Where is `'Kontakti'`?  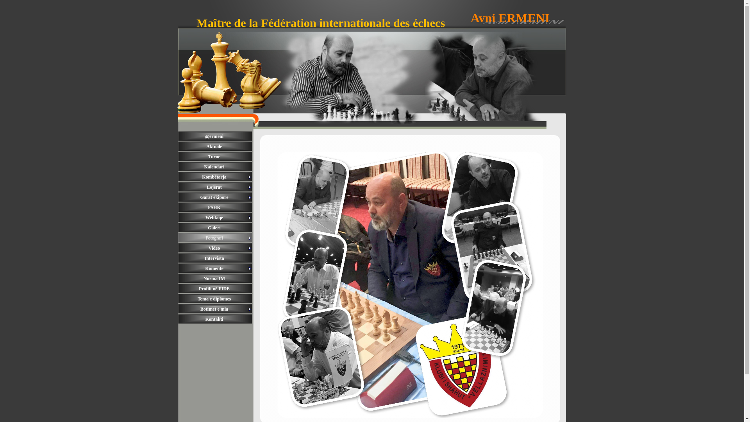 'Kontakti' is located at coordinates (215, 319).